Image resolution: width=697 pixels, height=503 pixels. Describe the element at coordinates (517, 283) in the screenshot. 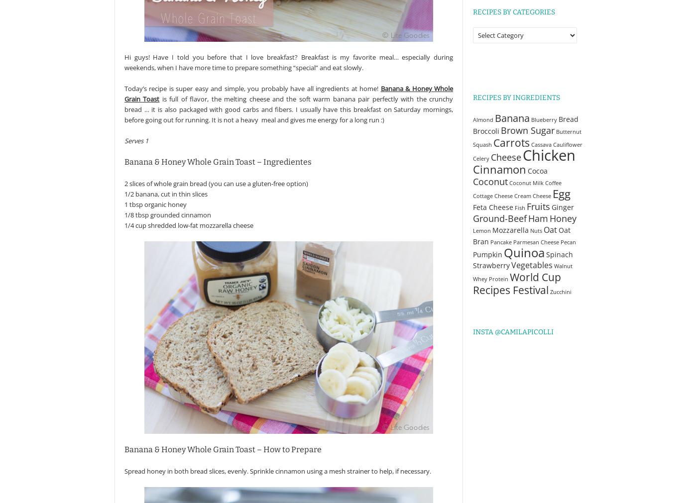

I see `'World Cup Recipes Festival'` at that location.